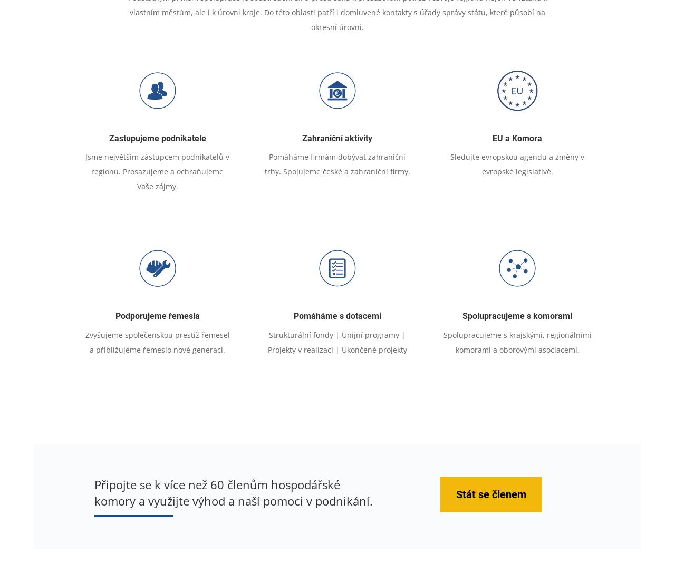 This screenshot has height=563, width=675. What do you see at coordinates (302, 138) in the screenshot?
I see `'Zahraniční aktivity'` at bounding box center [302, 138].